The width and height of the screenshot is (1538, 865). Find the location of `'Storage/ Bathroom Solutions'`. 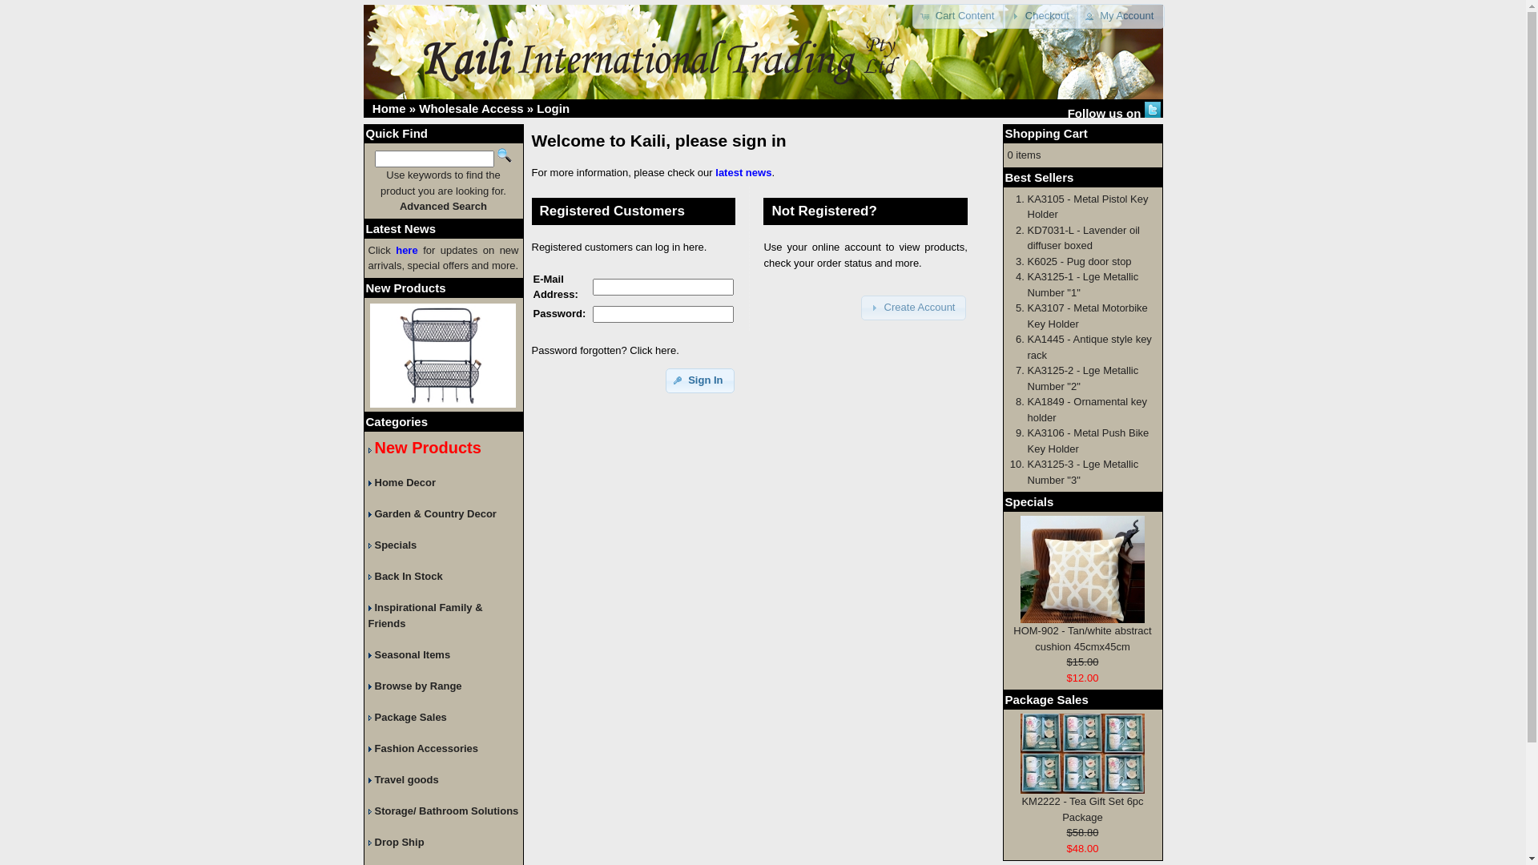

'Storage/ Bathroom Solutions' is located at coordinates (368, 810).